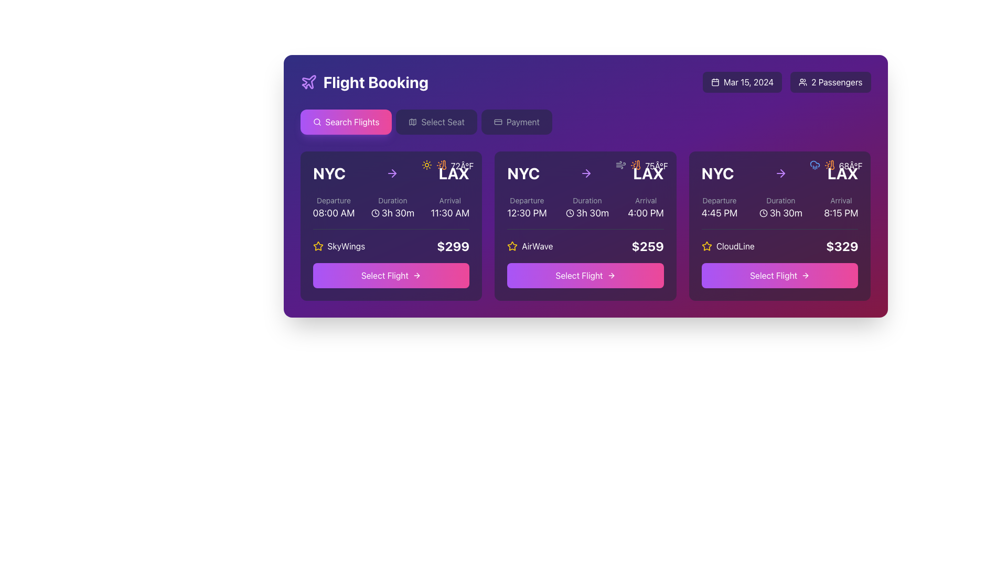  Describe the element at coordinates (517, 121) in the screenshot. I see `the 'Payment' button, which is the third button in a group of three, featuring a dark background and light text` at that location.